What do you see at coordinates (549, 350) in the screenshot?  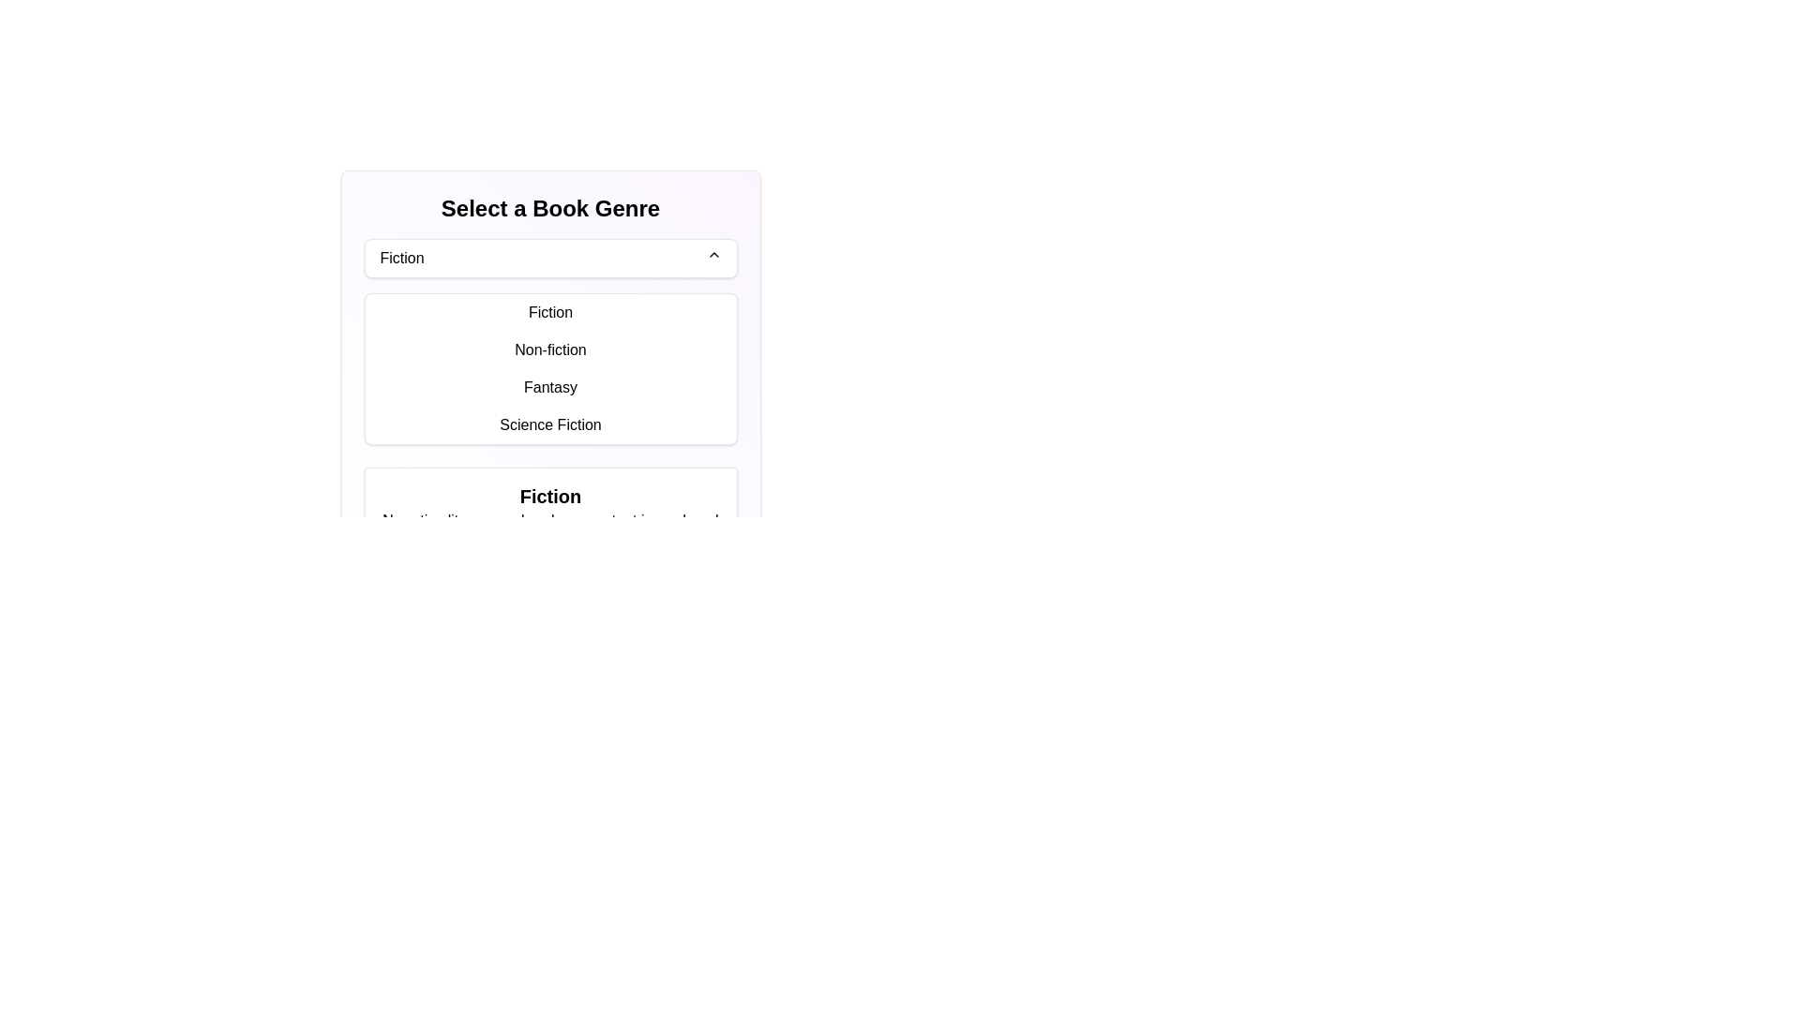 I see `the 'Non-fiction' selectable list item, which is styled as a text label and is the second item in a vertical list of options` at bounding box center [549, 350].